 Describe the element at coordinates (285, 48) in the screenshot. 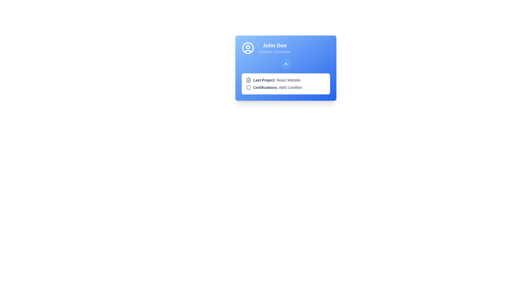

I see `the User Information Header that displays 'John Doe' in bold white uppercase font and 'Software Developer' in smaller blue text` at that location.